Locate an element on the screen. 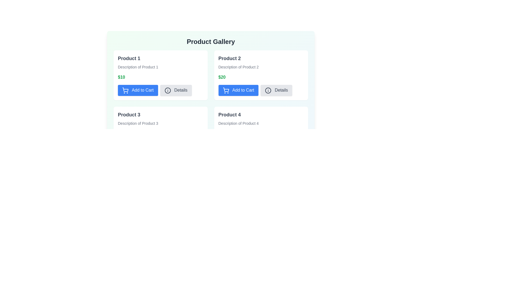 The height and width of the screenshot is (291, 518). price value displayed in the green-colored text showing '$10', located prominently under the product description of 'Product 1' in the product gallery is located at coordinates (121, 77).